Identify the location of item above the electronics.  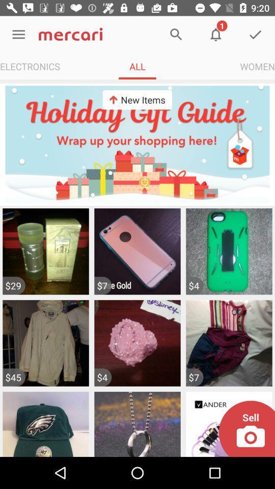
(18, 35).